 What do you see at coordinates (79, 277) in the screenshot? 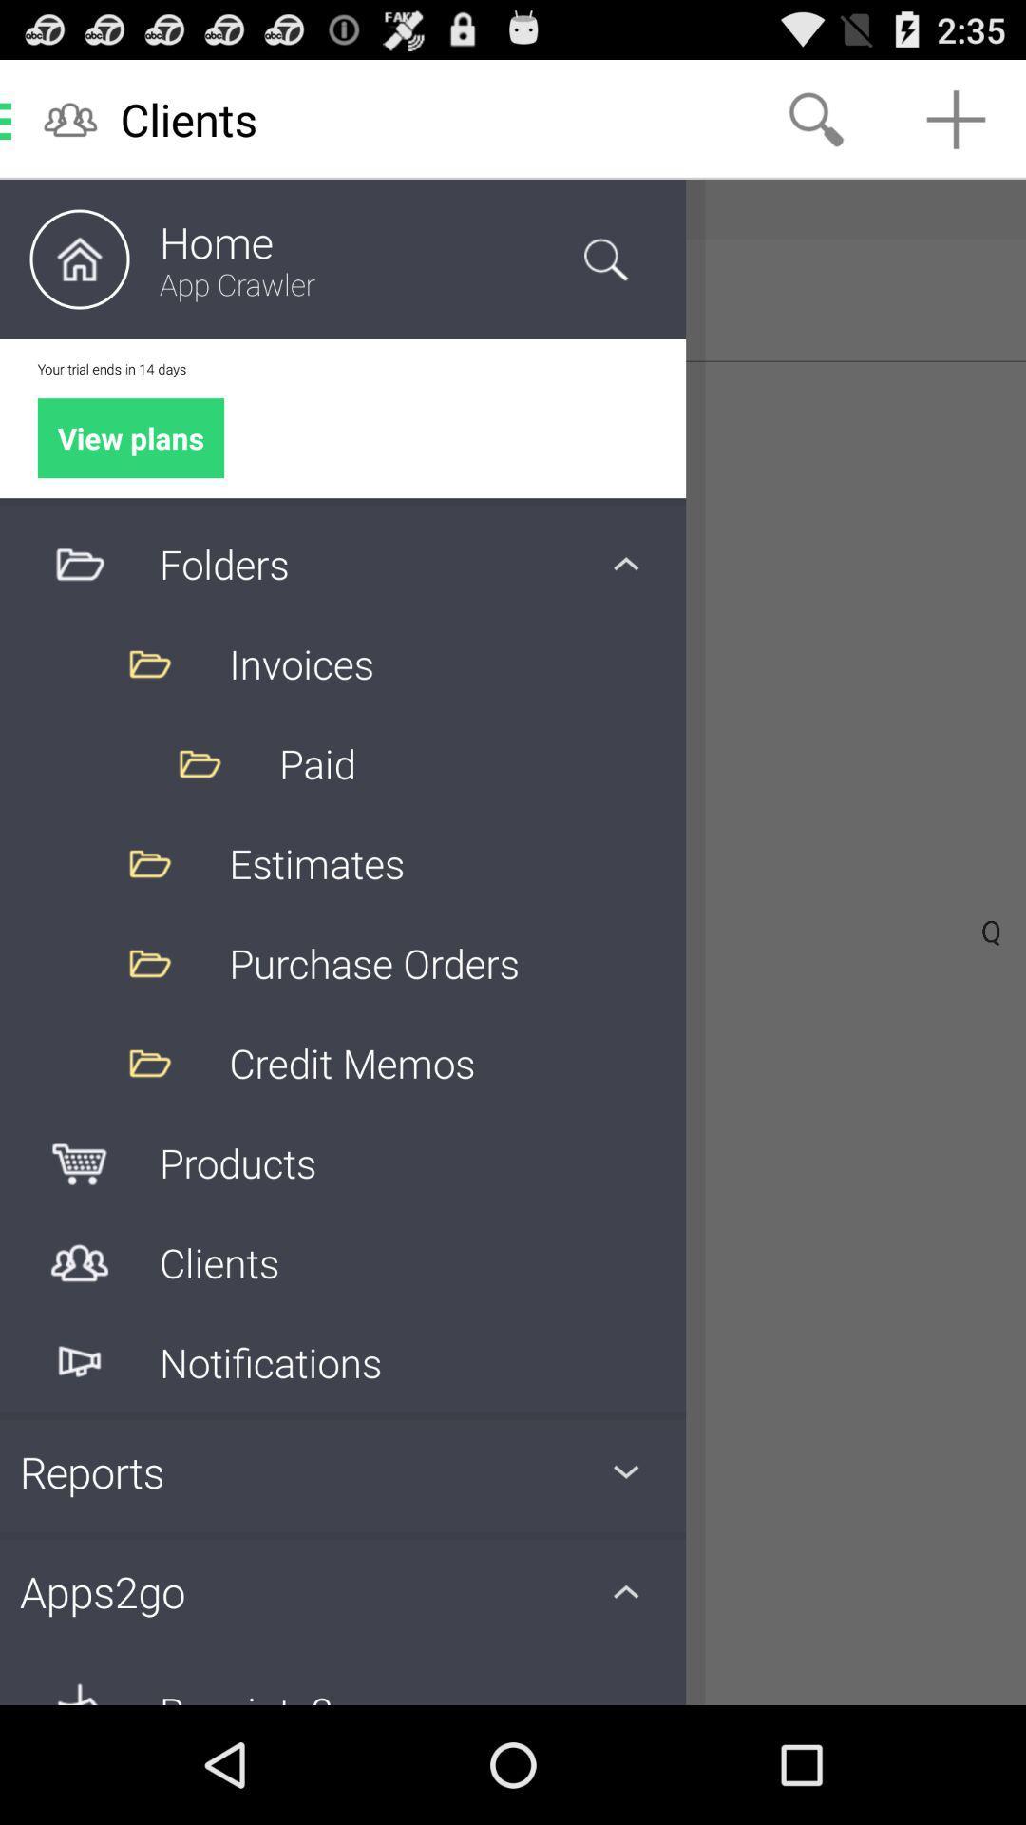
I see `the home icon` at bounding box center [79, 277].